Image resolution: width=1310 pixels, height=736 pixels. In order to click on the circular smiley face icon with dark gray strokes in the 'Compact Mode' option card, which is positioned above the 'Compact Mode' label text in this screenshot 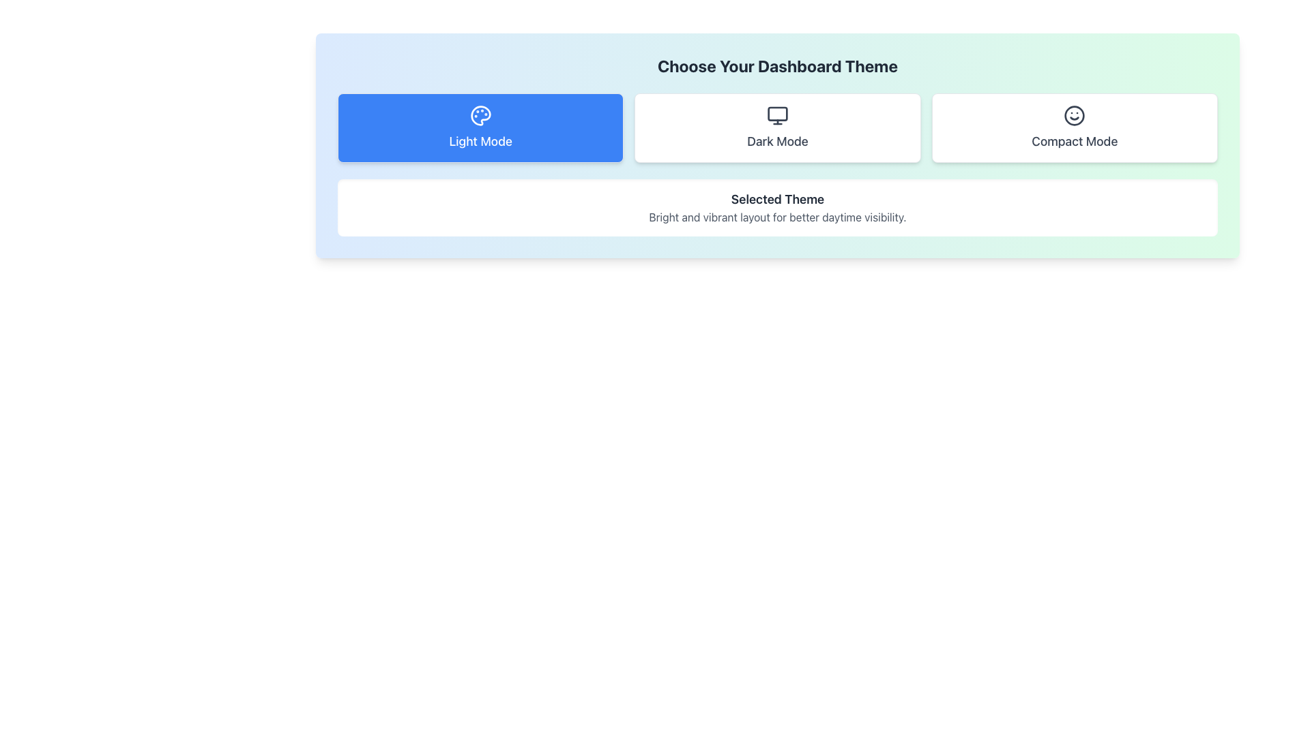, I will do `click(1074, 114)`.